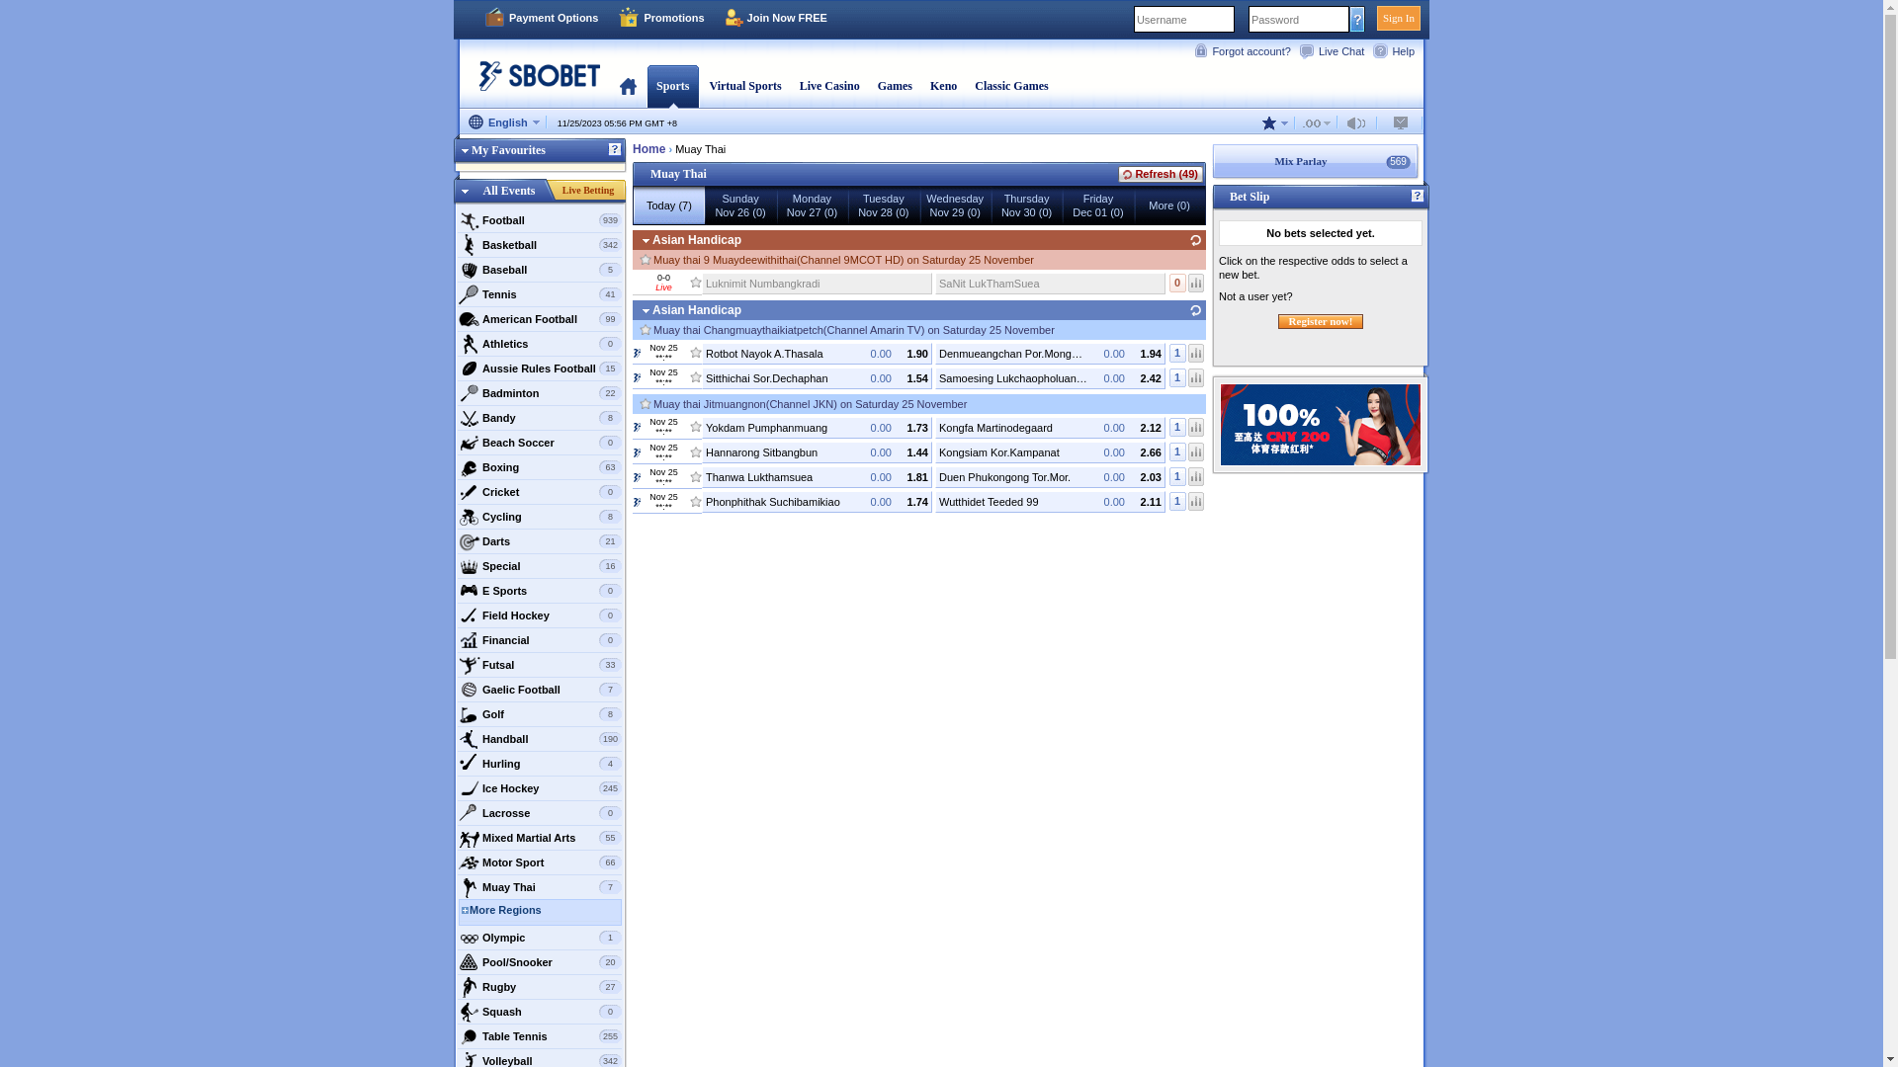 This screenshot has width=1898, height=1067. I want to click on 'Baseball, so click(456, 270).